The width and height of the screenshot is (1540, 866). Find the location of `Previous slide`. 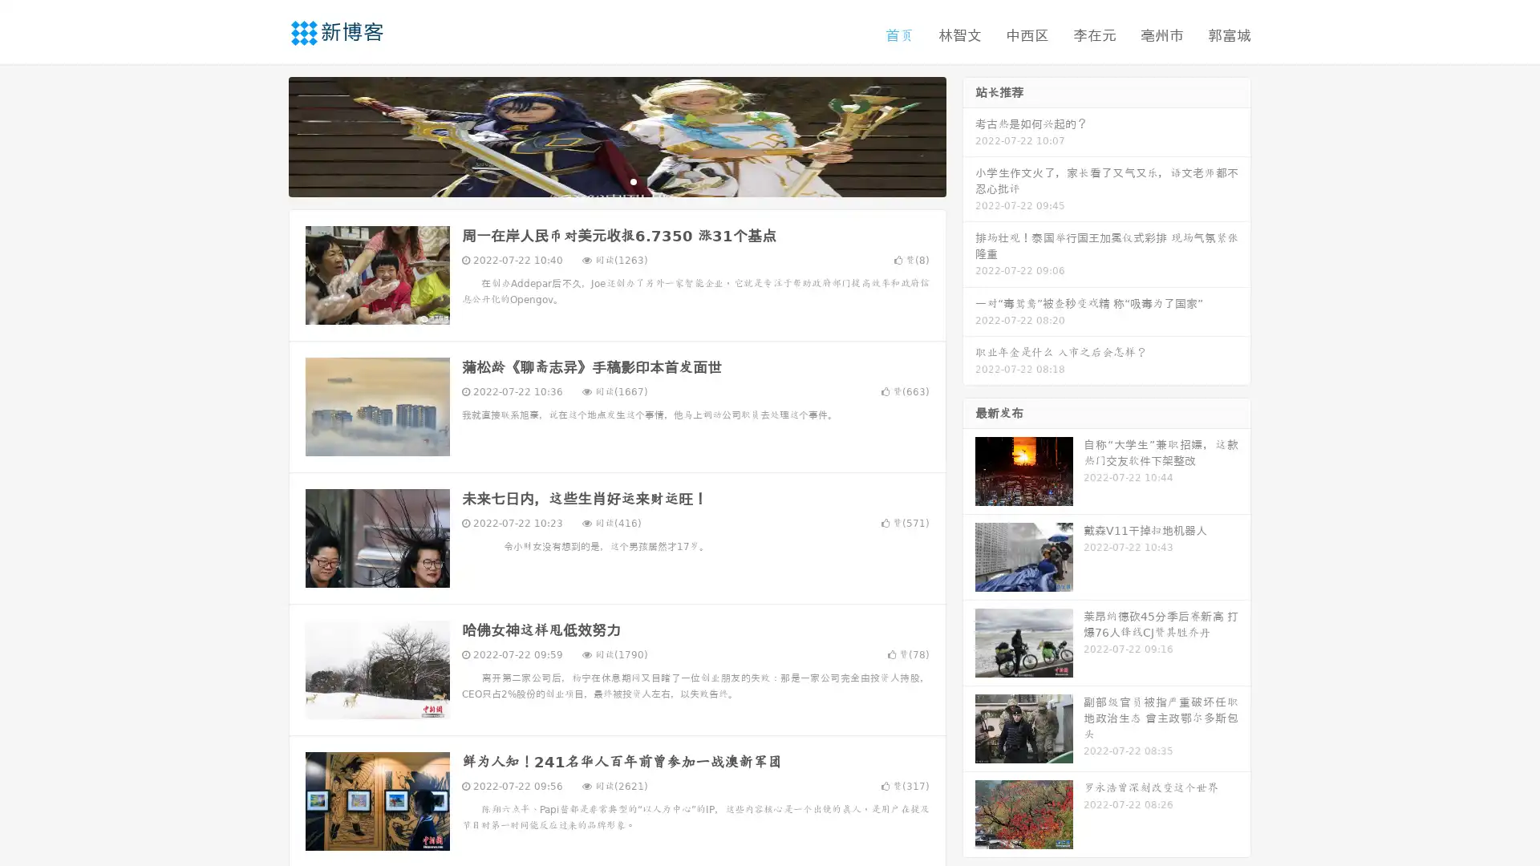

Previous slide is located at coordinates (265, 135).